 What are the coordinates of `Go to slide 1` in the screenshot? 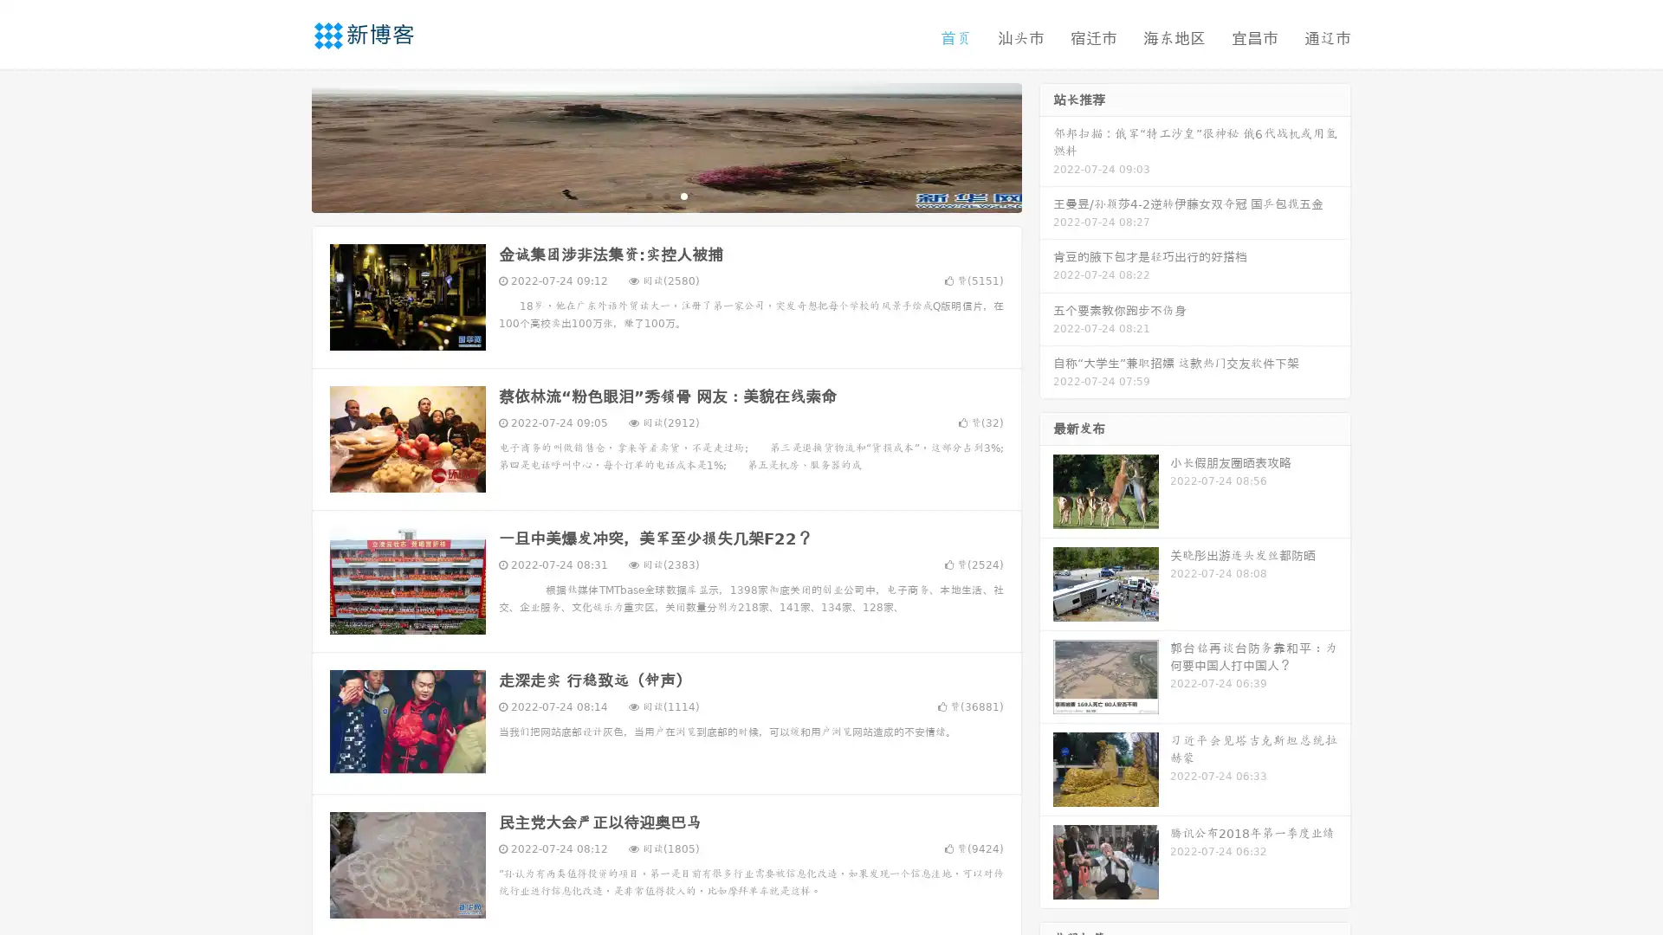 It's located at (648, 195).